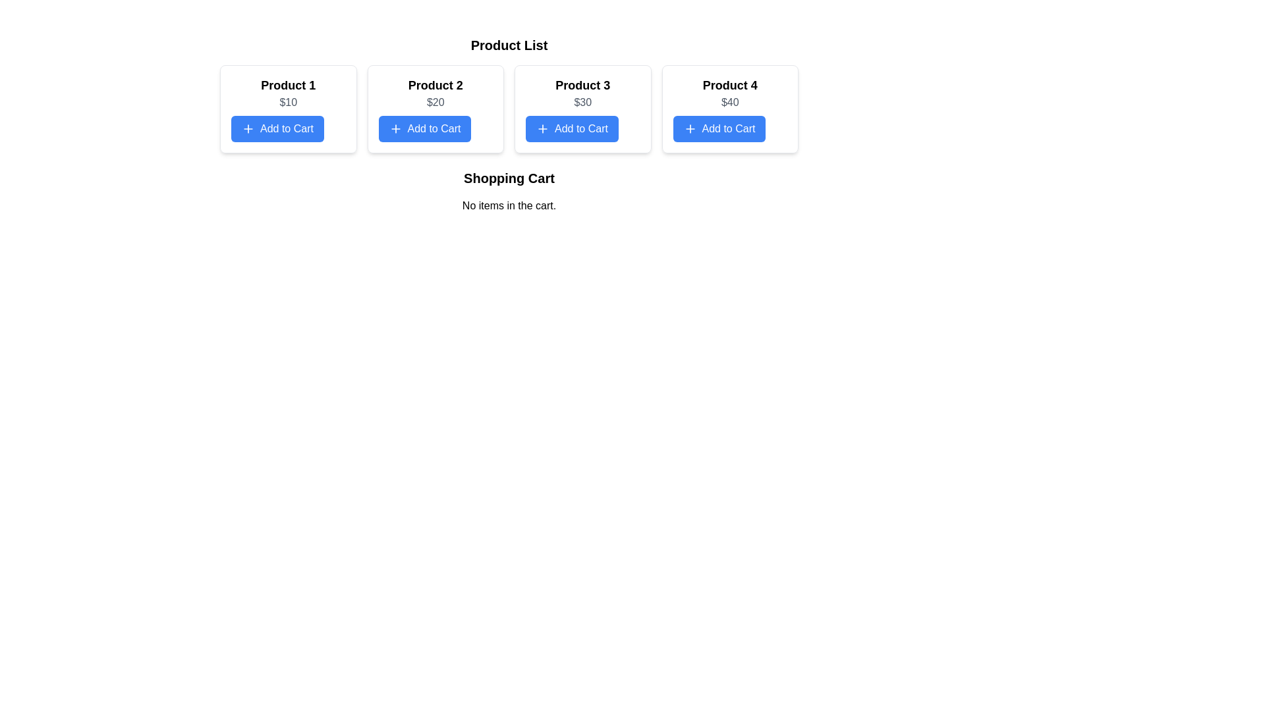  I want to click on the 'Product 3' text label which is displayed in a bold, large black font within a bordered box at the top of the product details, so click(582, 86).